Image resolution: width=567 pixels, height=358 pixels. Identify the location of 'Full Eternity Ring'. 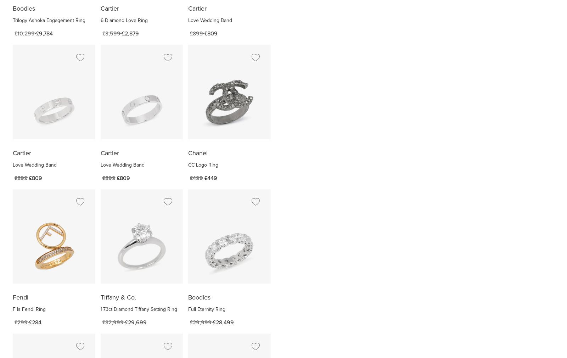
(188, 309).